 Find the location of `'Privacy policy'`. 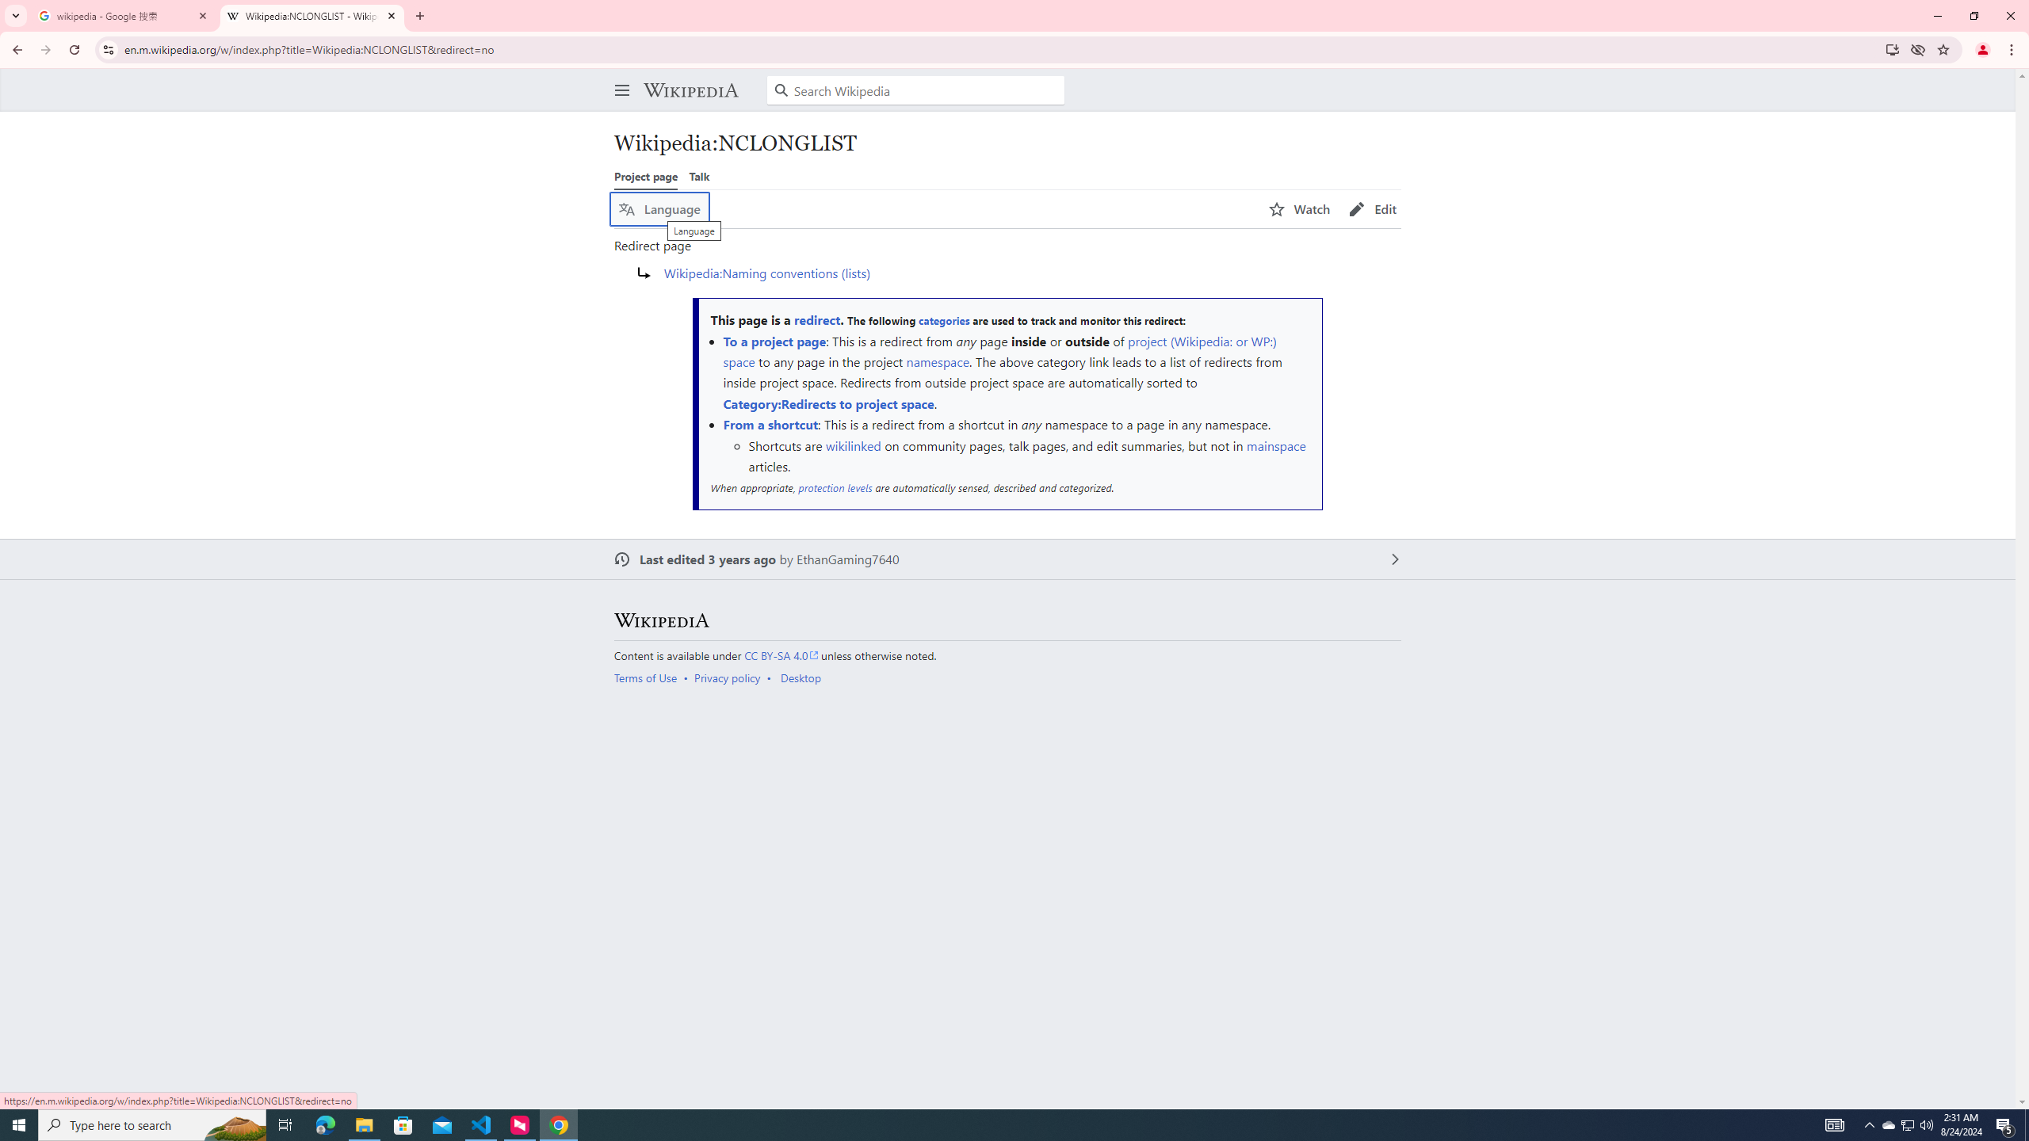

'Privacy policy' is located at coordinates (727, 677).